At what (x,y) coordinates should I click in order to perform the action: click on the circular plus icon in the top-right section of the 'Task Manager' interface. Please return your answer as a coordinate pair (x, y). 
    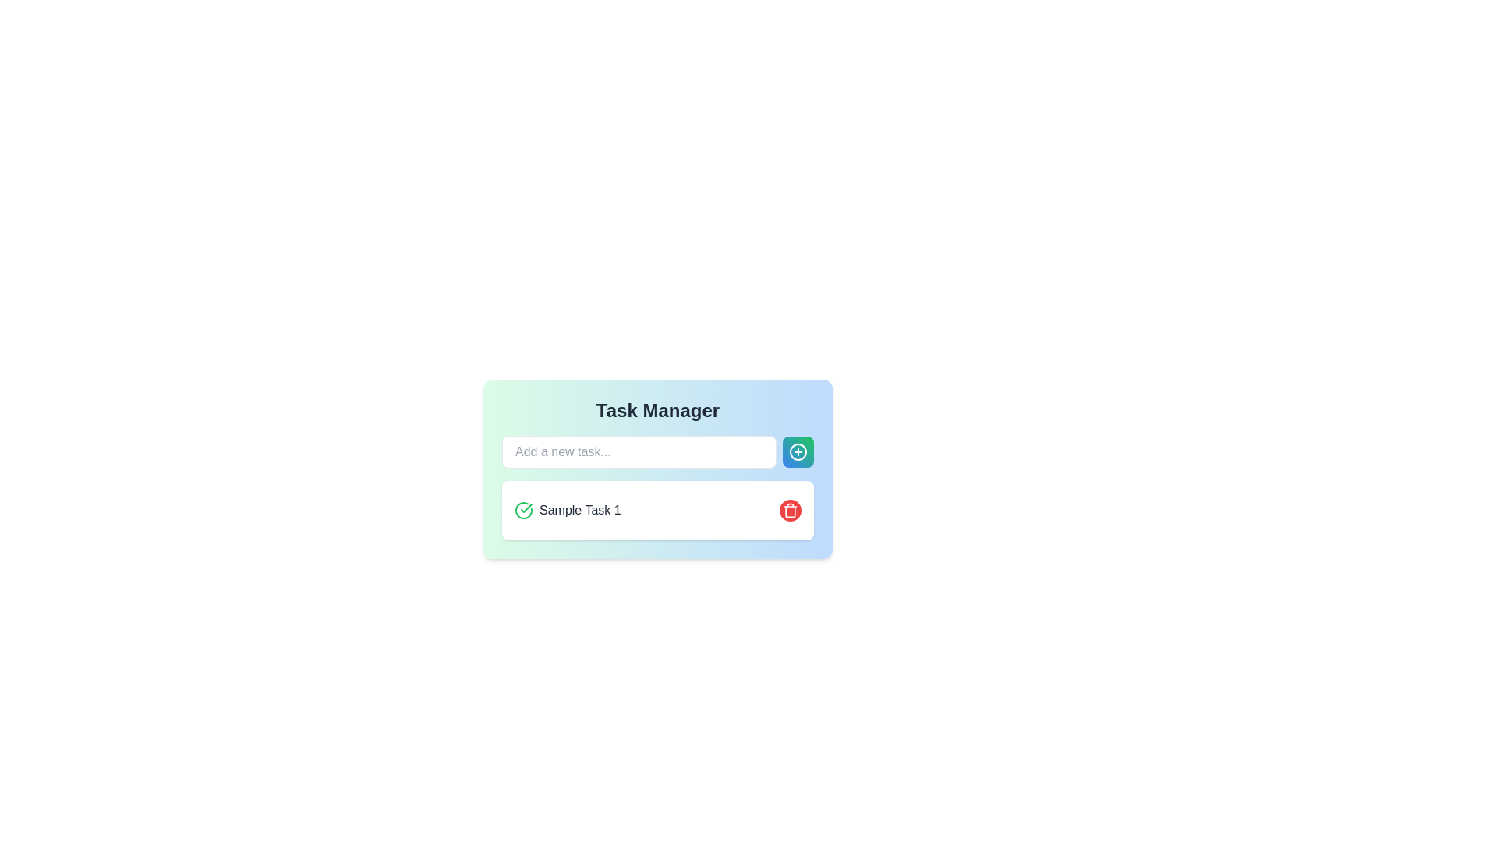
    Looking at the image, I should click on (798, 451).